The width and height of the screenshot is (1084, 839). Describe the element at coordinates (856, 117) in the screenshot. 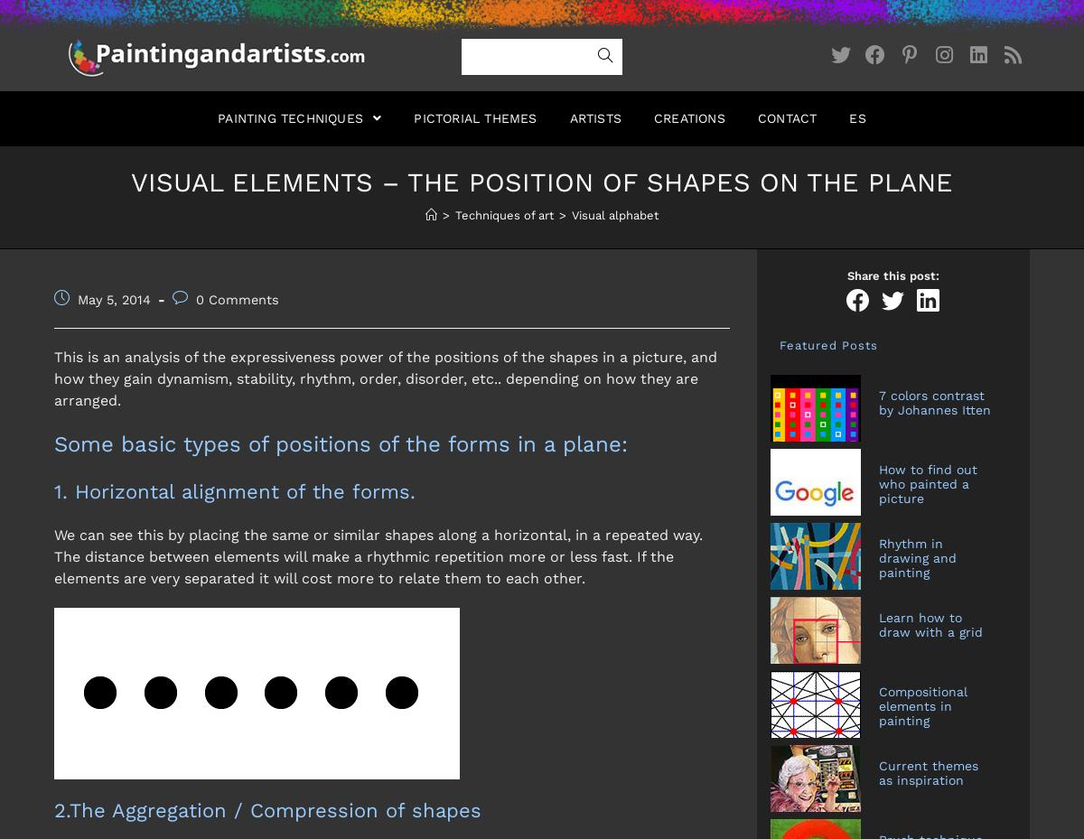

I see `'ES'` at that location.